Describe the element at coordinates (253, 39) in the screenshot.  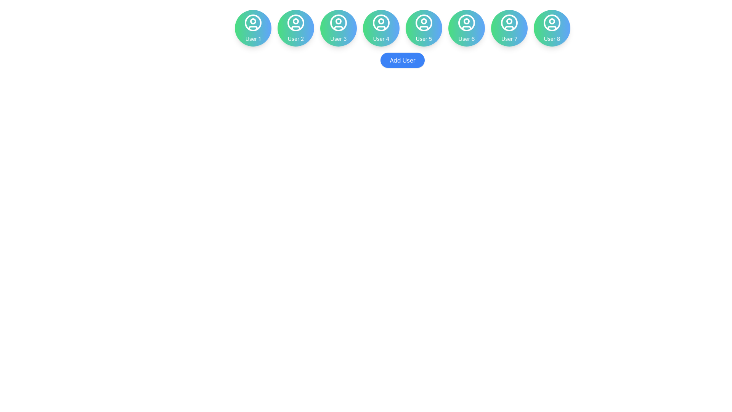
I see `the text label displaying 'User 1', located below the circular icon with a gradient background. This text label is the first in a horizontal row of similar components` at that location.